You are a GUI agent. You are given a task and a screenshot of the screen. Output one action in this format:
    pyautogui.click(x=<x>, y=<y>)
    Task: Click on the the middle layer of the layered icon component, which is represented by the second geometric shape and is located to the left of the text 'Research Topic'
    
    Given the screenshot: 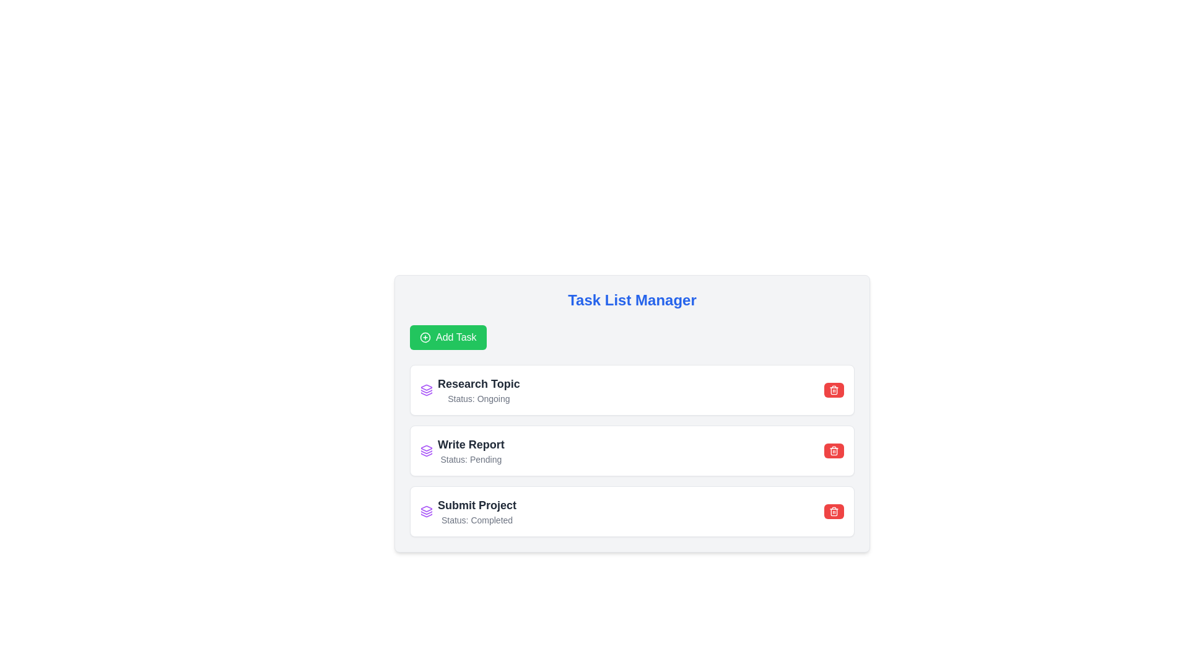 What is the action you would take?
    pyautogui.click(x=427, y=452)
    